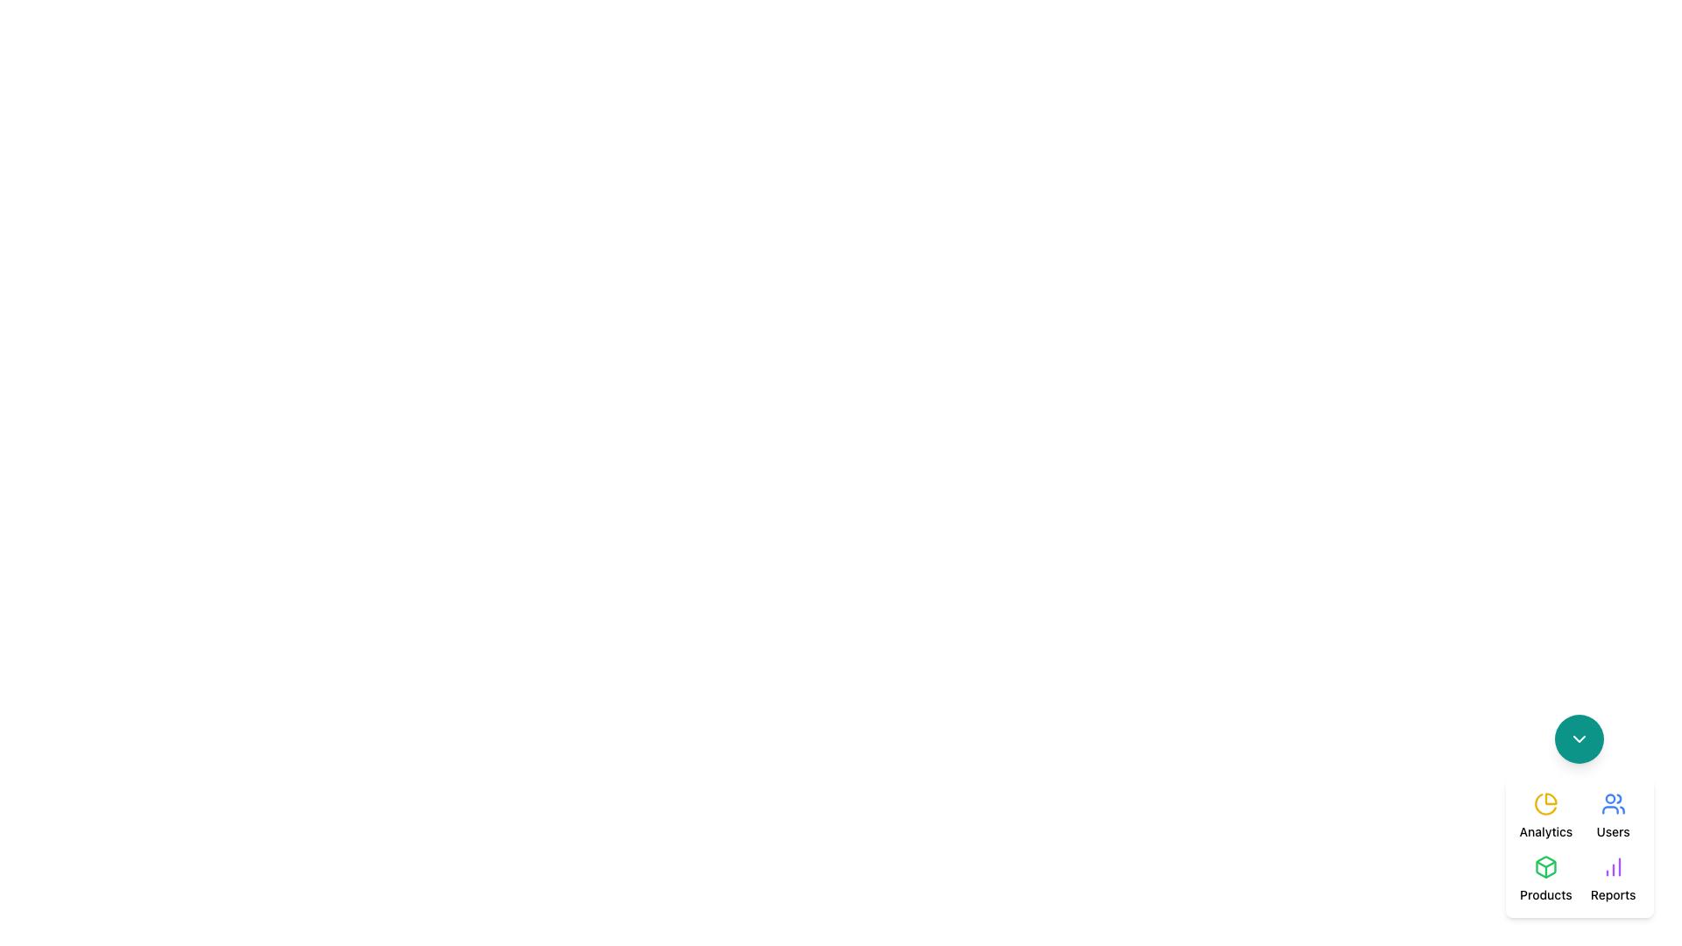  Describe the element at coordinates (1612, 830) in the screenshot. I see `the static label displaying the text 'Users', which is located below a group of people icon in the vertical menu at the bottom-right corner of the interface` at that location.